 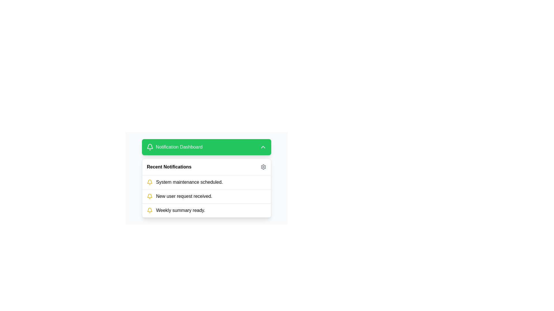 I want to click on the Chevron icon in the top-right corner of the green header bar labeled 'Notification Dashboard', so click(x=263, y=147).